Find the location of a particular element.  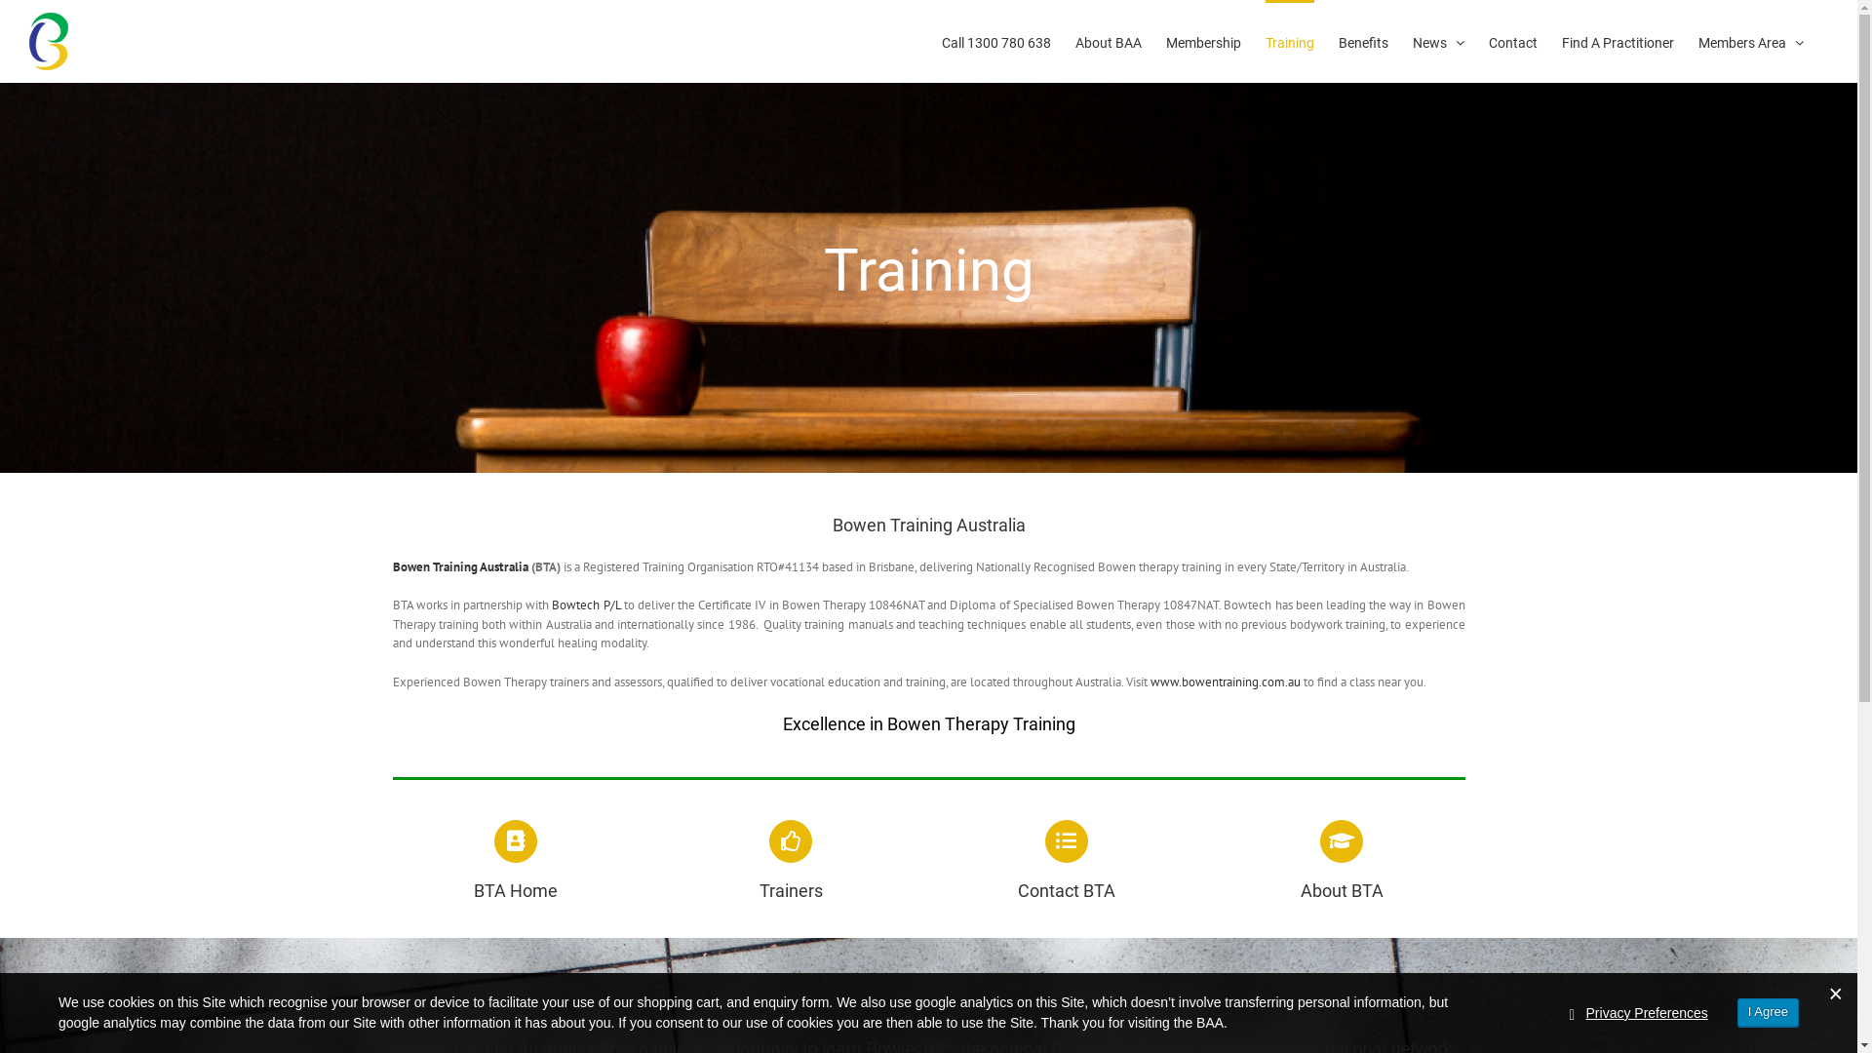

'Find A Practitioner' is located at coordinates (1618, 41).